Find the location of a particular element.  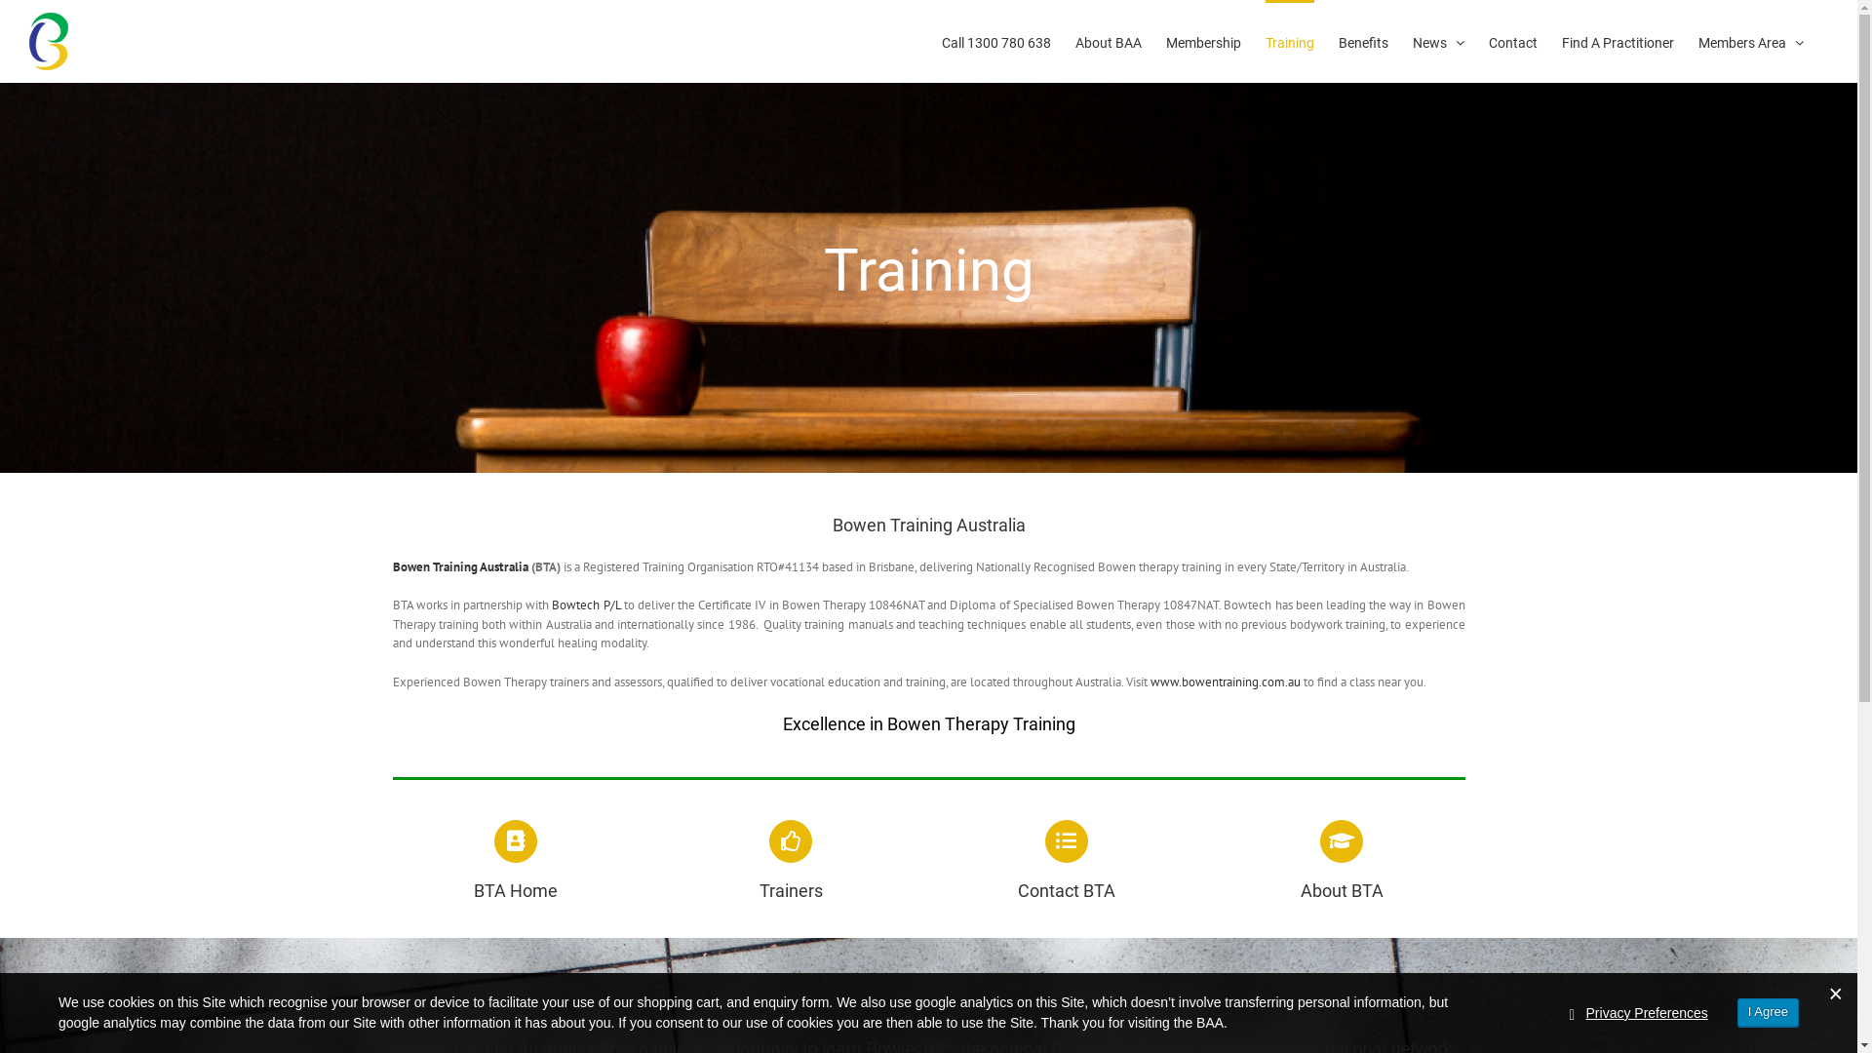

'Find A Practitioner' is located at coordinates (1618, 41).